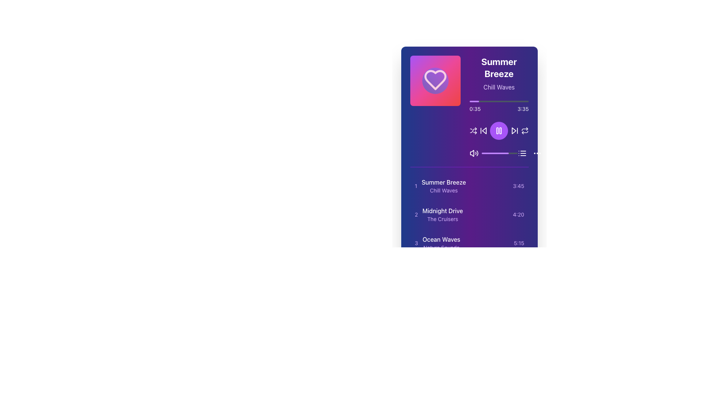  What do you see at coordinates (483, 130) in the screenshot?
I see `the back button with a left-pointing triangle icon located in the media player interface, the second button to the left of the playback controls` at bounding box center [483, 130].